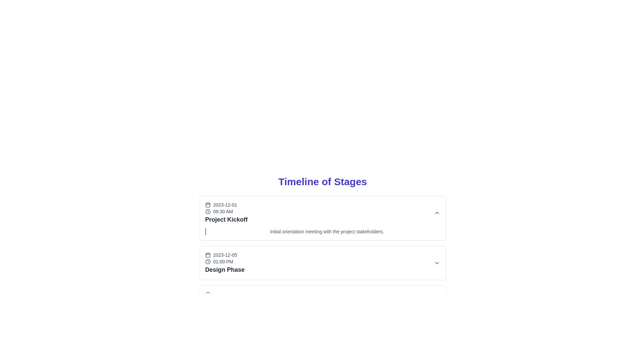  Describe the element at coordinates (323, 262) in the screenshot. I see `information displayed in the timeline entry for the 'Design Phase' scheduled for December 5th, 2023, at 1:00 PM, which is the second entry in the list below 'Project Kickoff'` at that location.